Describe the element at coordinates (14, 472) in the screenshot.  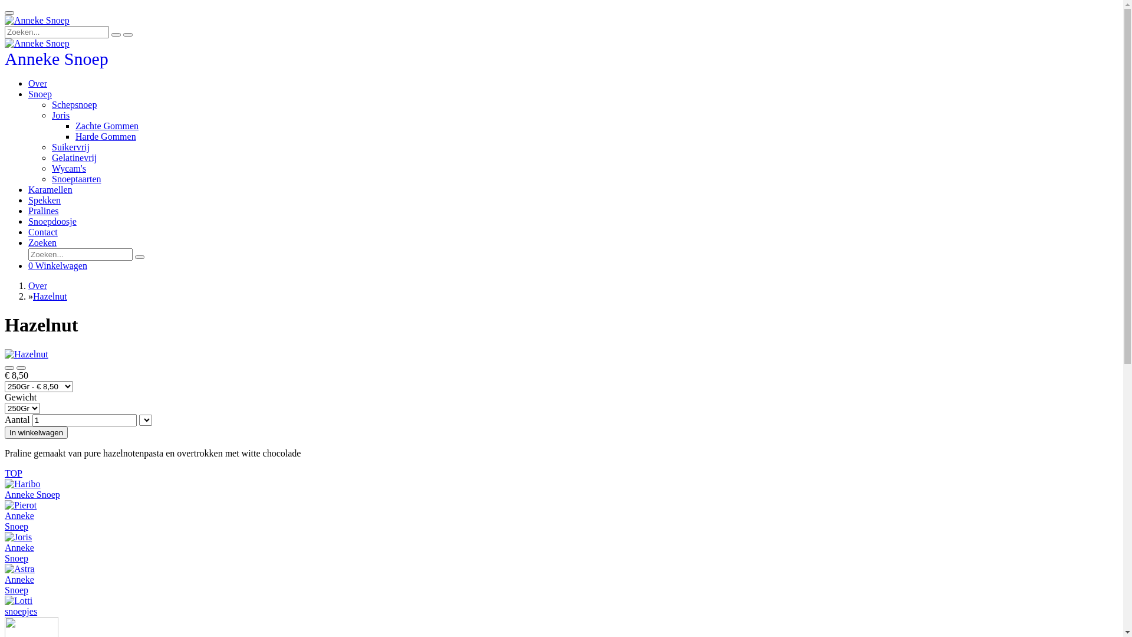
I see `'TOP'` at that location.